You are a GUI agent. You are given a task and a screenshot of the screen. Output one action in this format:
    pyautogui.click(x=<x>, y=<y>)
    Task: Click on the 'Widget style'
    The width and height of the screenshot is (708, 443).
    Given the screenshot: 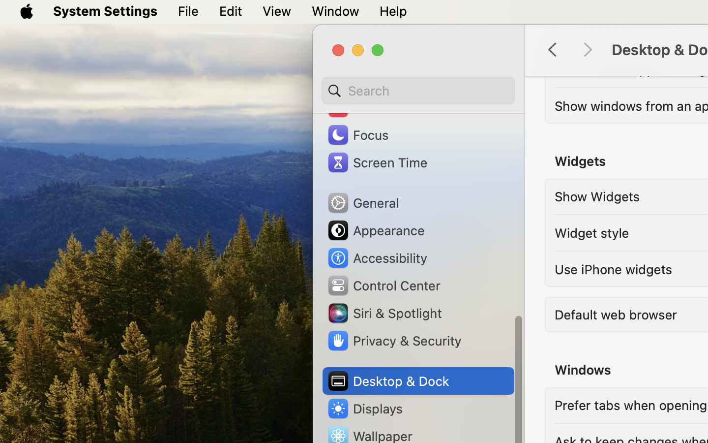 What is the action you would take?
    pyautogui.click(x=591, y=231)
    